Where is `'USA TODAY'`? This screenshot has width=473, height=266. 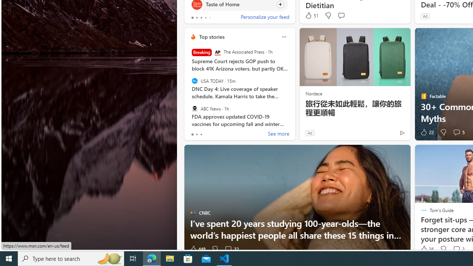
'USA TODAY' is located at coordinates (194, 81).